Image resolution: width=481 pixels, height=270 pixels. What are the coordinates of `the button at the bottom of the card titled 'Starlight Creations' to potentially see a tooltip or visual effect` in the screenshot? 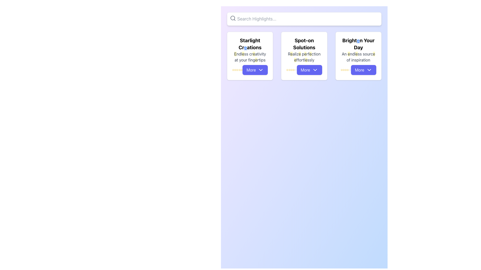 It's located at (255, 70).